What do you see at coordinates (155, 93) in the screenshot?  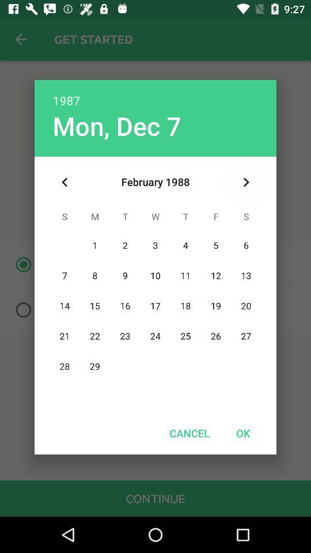 I see `the 1987 icon` at bounding box center [155, 93].